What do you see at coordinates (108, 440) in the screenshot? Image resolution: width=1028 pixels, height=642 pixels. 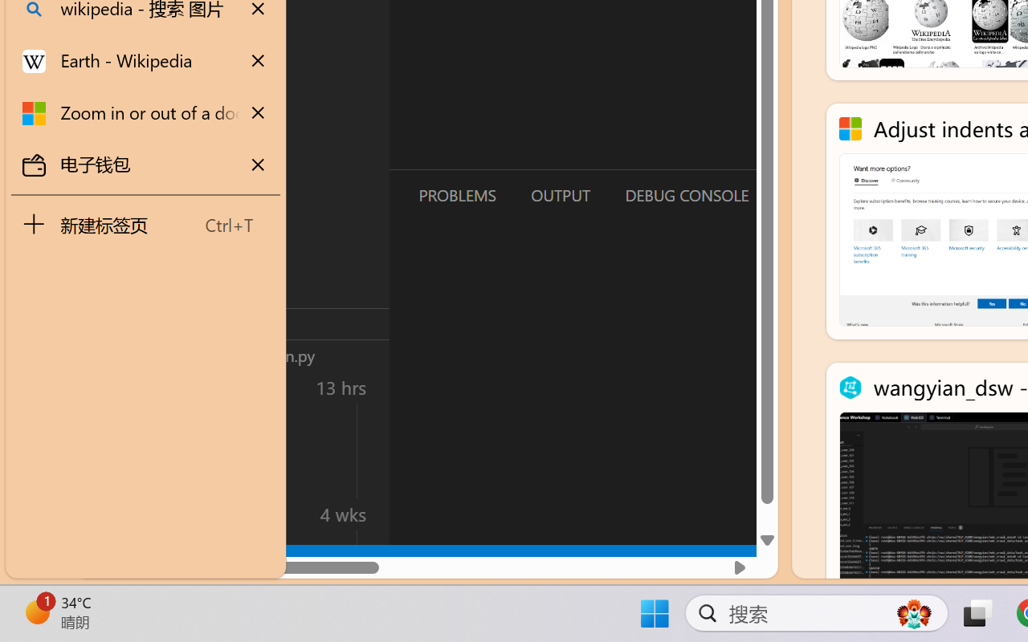 I see `'Accounts - Sign in requested'` at bounding box center [108, 440].